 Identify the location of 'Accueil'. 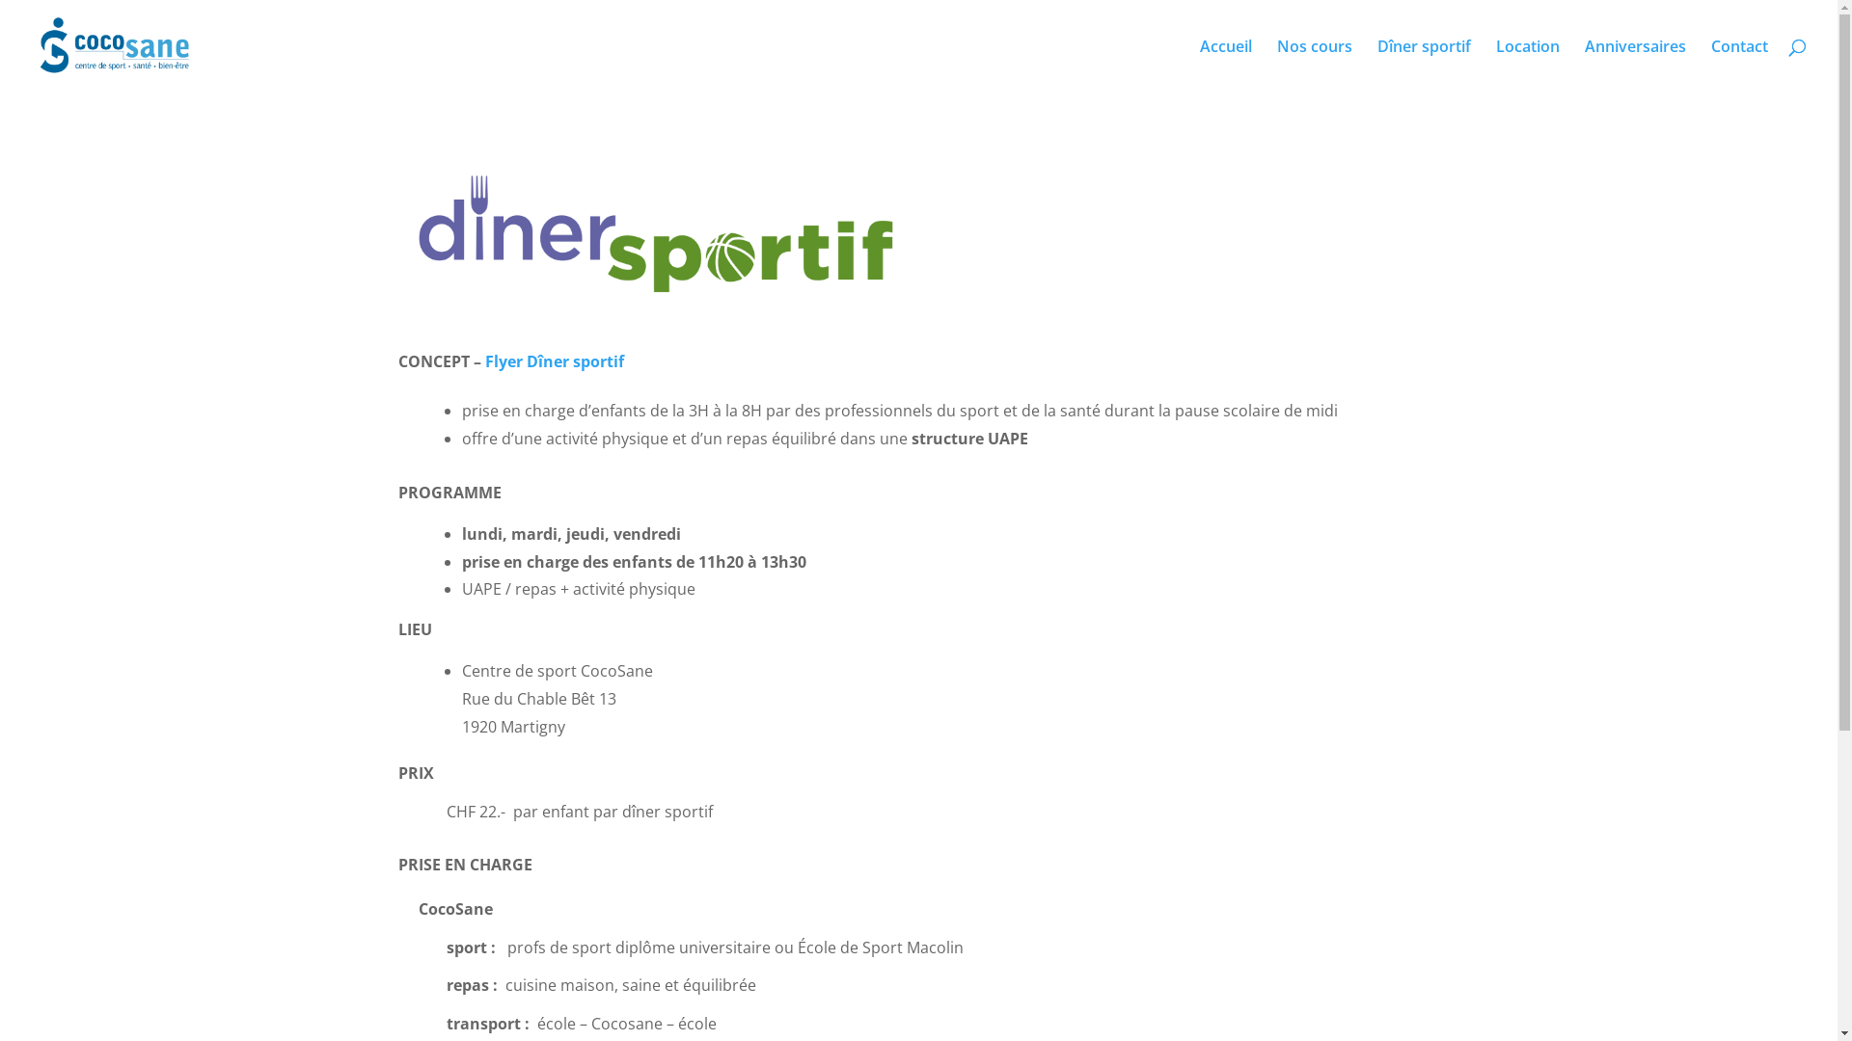
(1225, 65).